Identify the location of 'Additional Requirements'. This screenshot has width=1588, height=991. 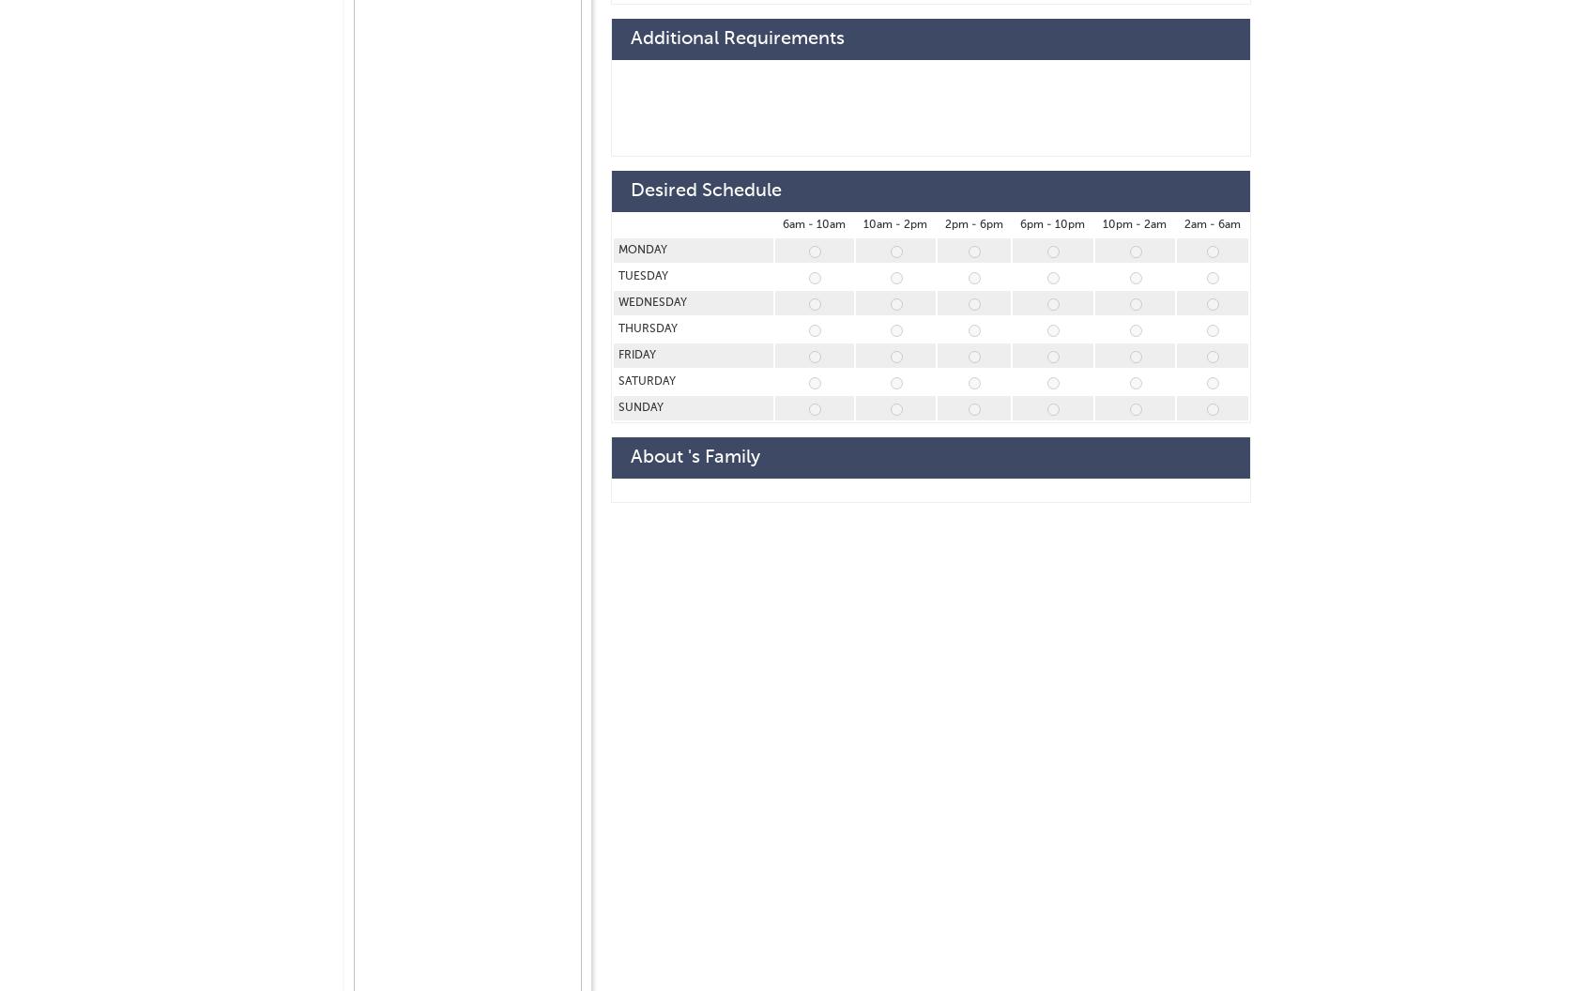
(737, 39).